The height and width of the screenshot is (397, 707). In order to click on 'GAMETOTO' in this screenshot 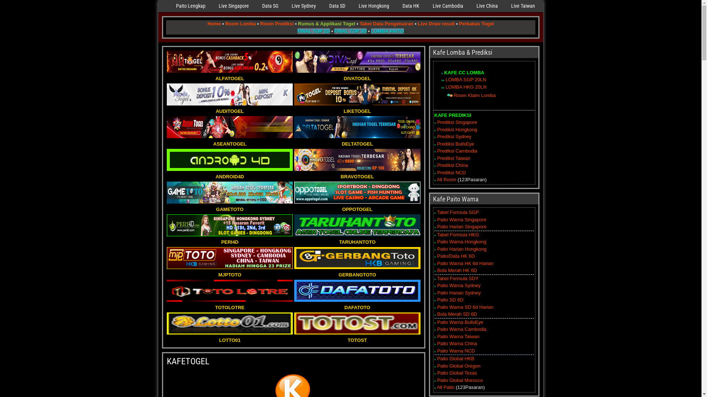, I will do `click(229, 205)`.